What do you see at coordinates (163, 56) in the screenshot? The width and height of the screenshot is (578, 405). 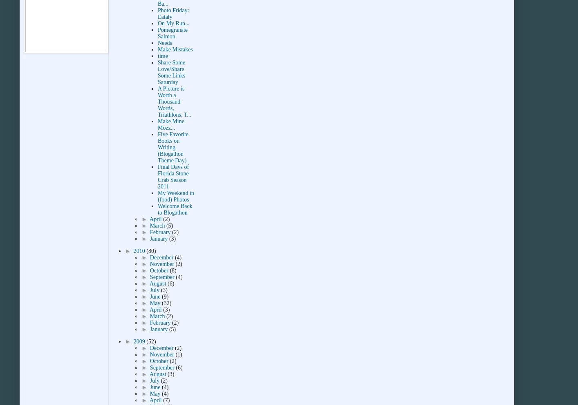 I see `'time'` at bounding box center [163, 56].